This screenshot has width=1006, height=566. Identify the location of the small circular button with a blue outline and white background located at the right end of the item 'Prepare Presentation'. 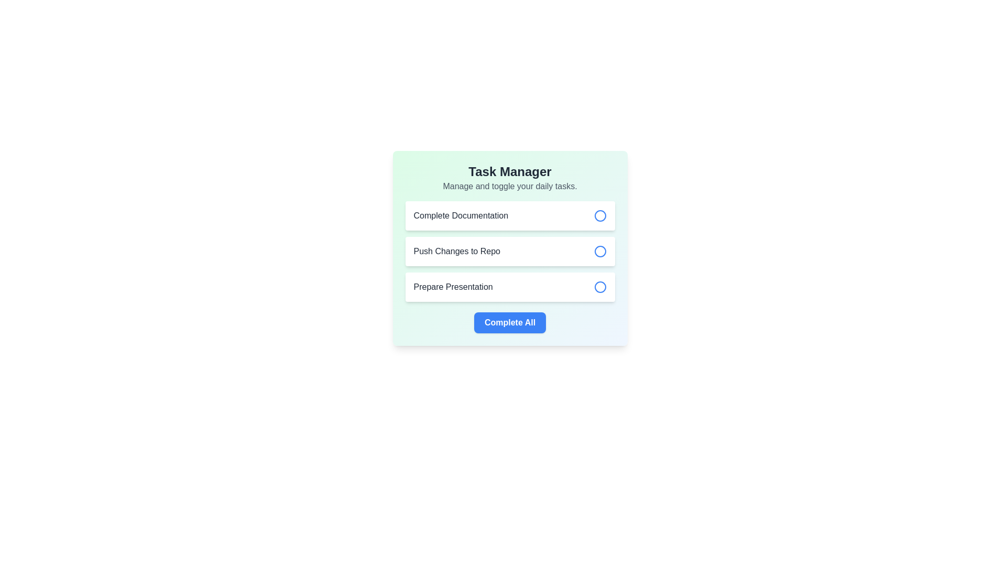
(600, 287).